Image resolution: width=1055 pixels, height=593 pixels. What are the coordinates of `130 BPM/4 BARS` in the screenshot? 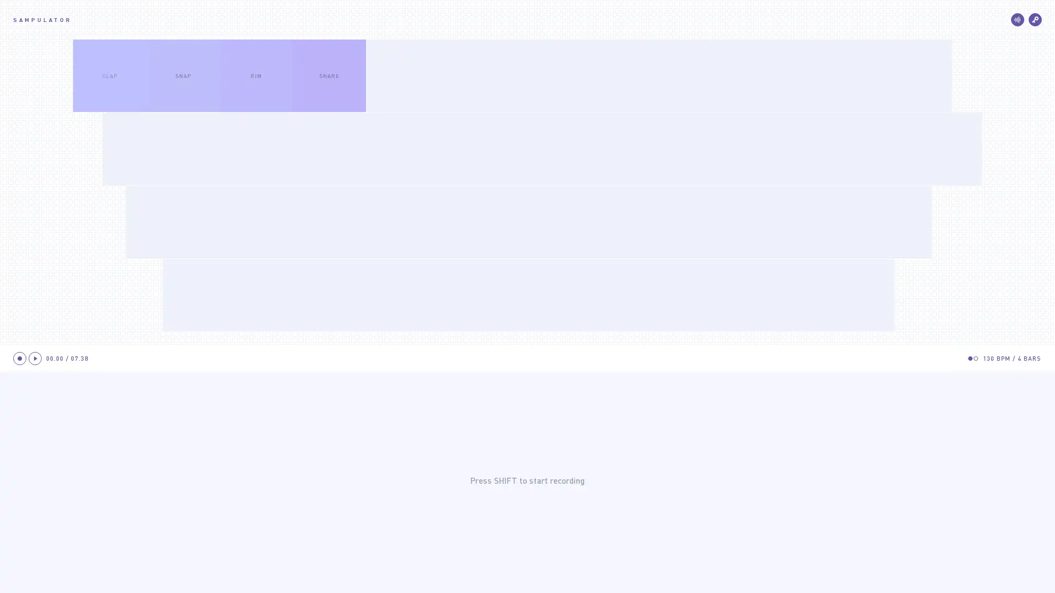 It's located at (1012, 358).